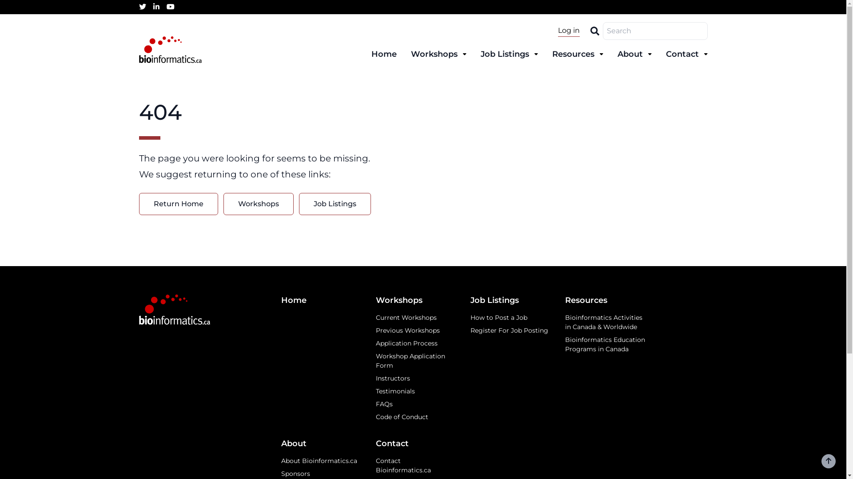 Image resolution: width=853 pixels, height=479 pixels. I want to click on 'Instructors', so click(416, 378).